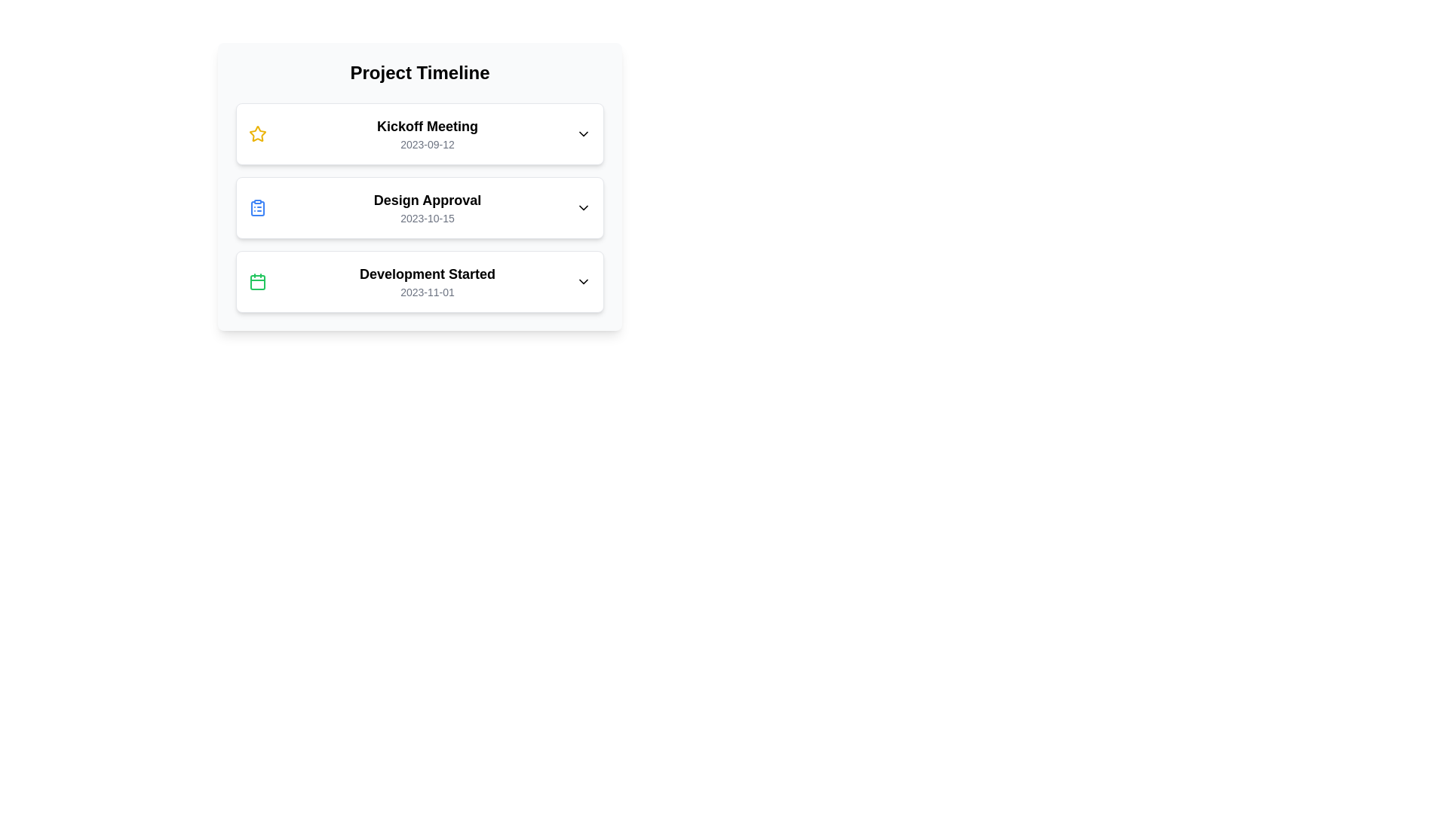 Image resolution: width=1448 pixels, height=814 pixels. Describe the element at coordinates (257, 133) in the screenshot. I see `the small star-shaped icon with a yellow outline and white fill located beside the text 'Kickoff Meeting' in the 'Project Timeline' section` at that location.